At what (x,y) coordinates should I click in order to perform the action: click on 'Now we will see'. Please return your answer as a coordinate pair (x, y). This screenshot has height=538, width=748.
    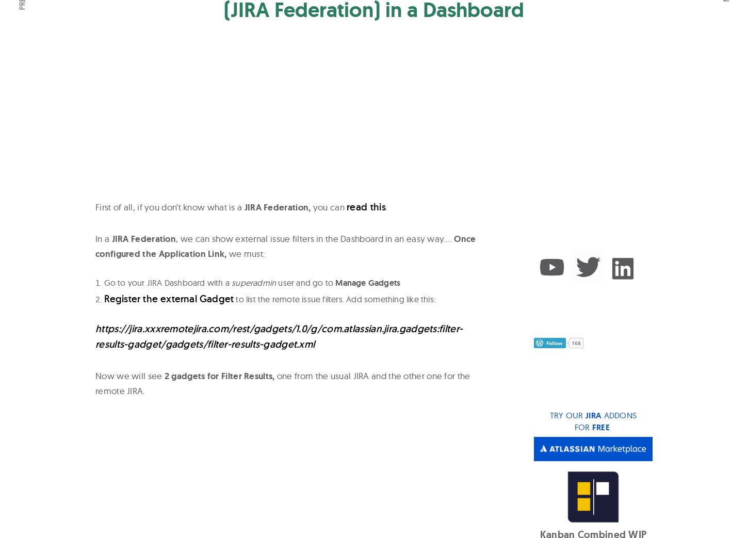
    Looking at the image, I should click on (129, 376).